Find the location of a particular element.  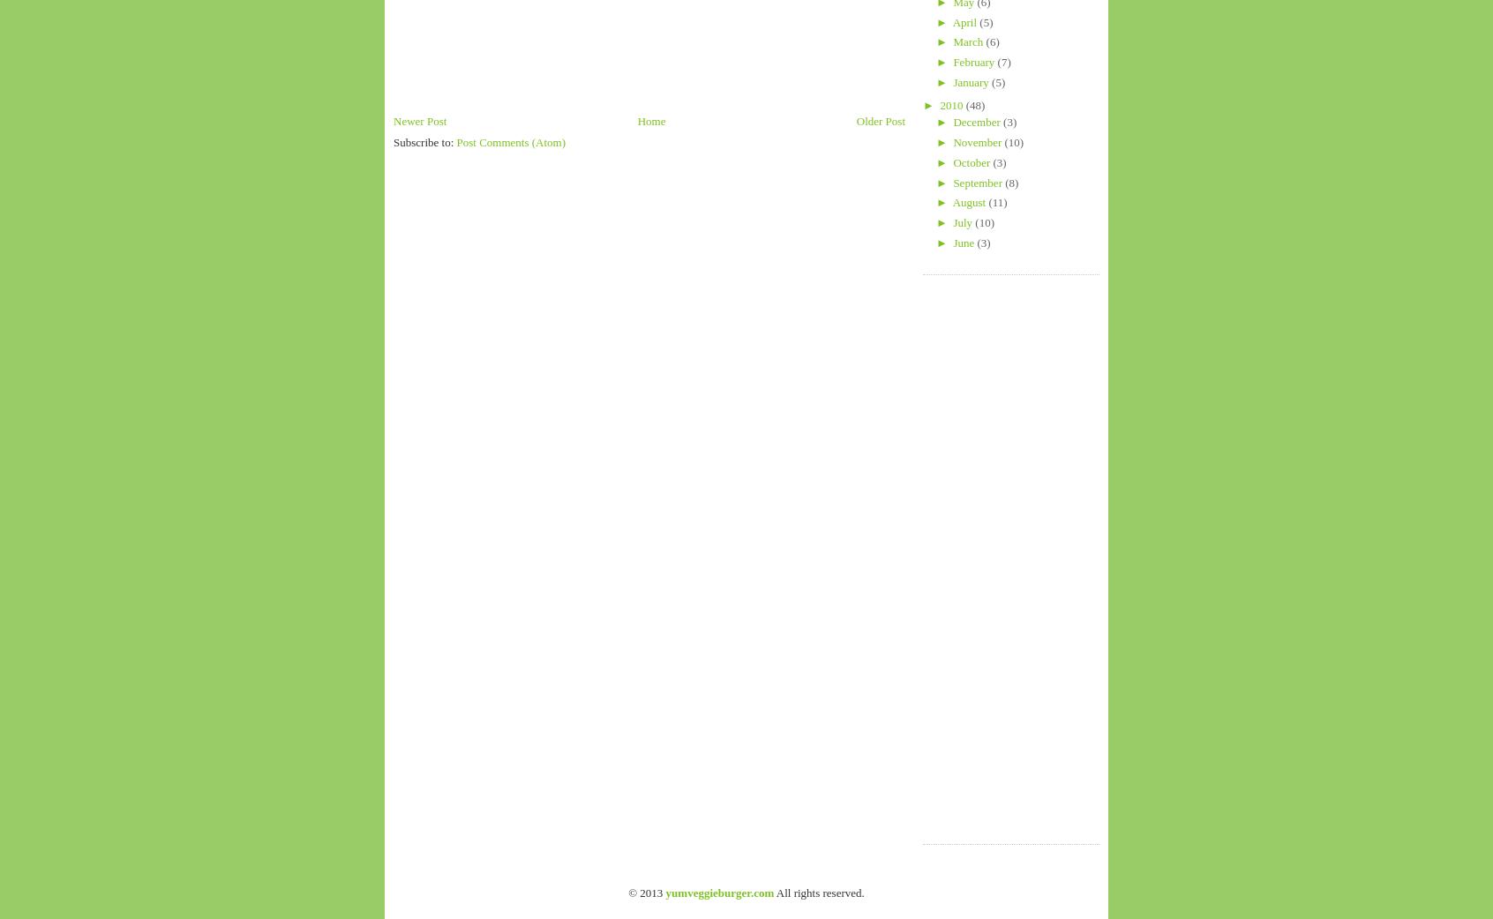

'yumveggieburger.com' is located at coordinates (719, 893).